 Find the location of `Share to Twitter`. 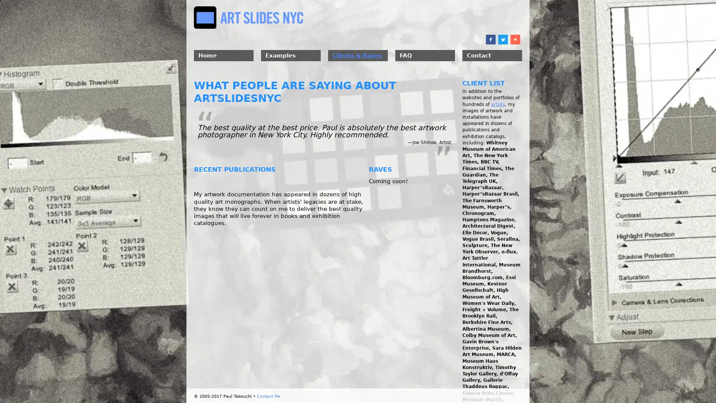

Share to Twitter is located at coordinates (505, 39).